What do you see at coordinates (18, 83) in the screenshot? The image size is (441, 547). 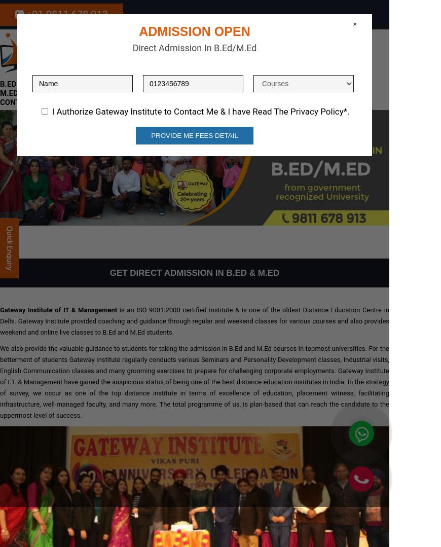 I see `'B.Ed CRSU'` at bounding box center [18, 83].